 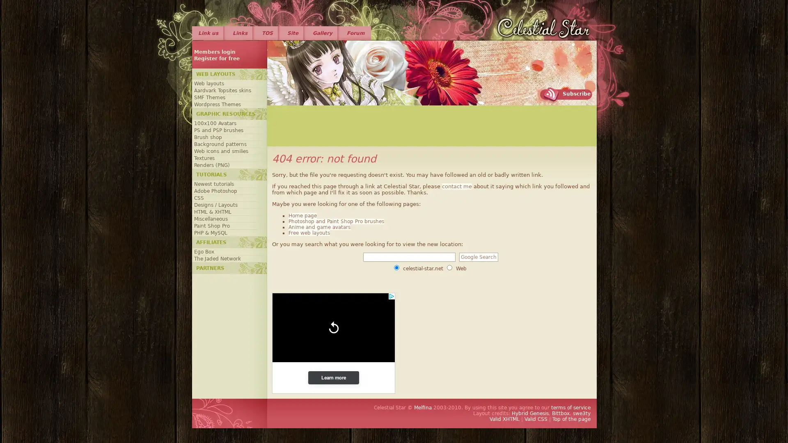 I want to click on Google Search, so click(x=479, y=256).